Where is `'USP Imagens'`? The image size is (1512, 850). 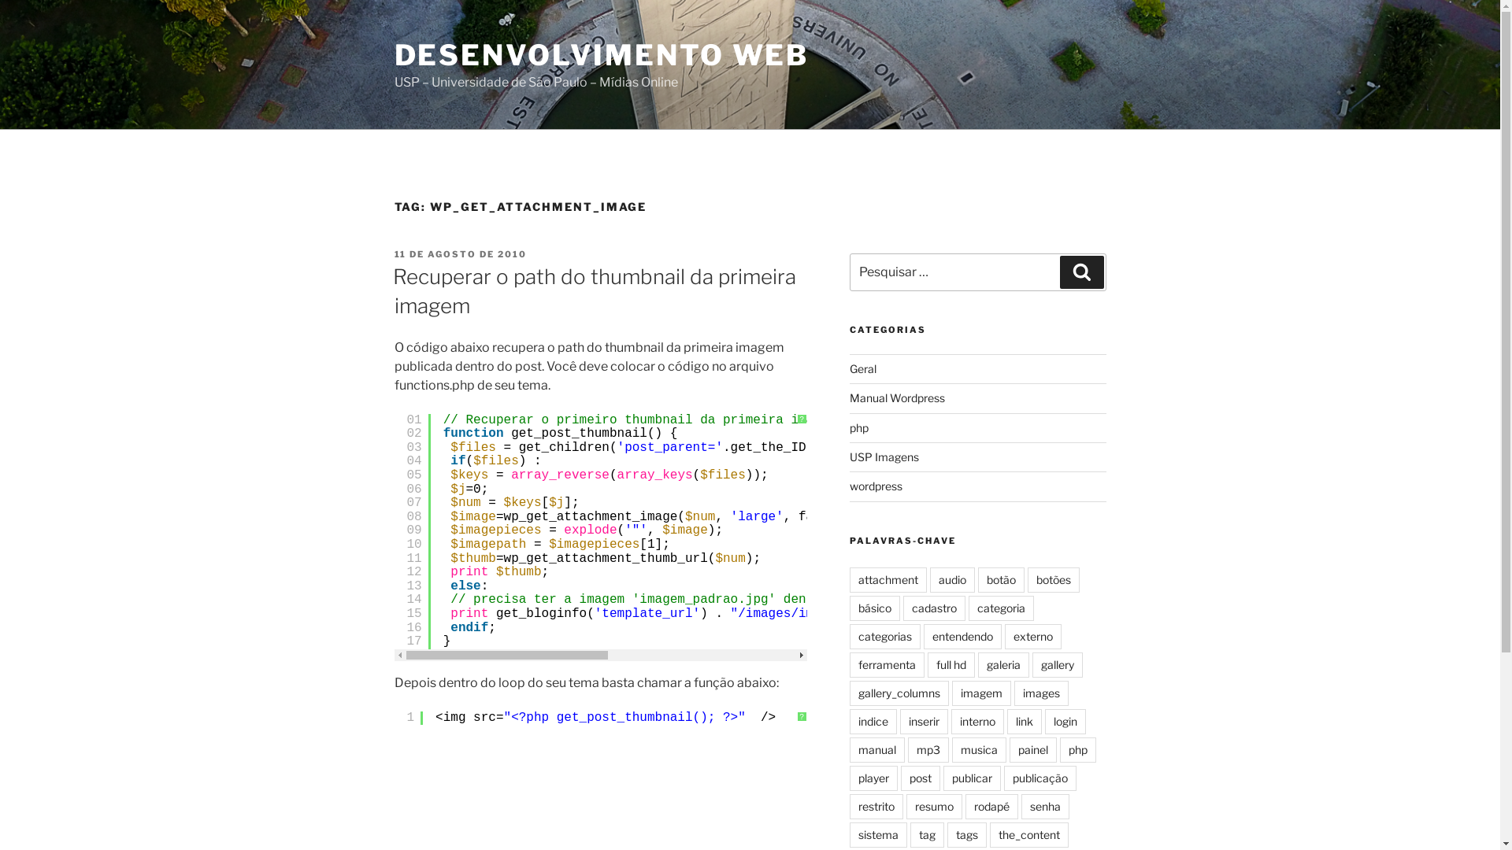 'USP Imagens' is located at coordinates (884, 456).